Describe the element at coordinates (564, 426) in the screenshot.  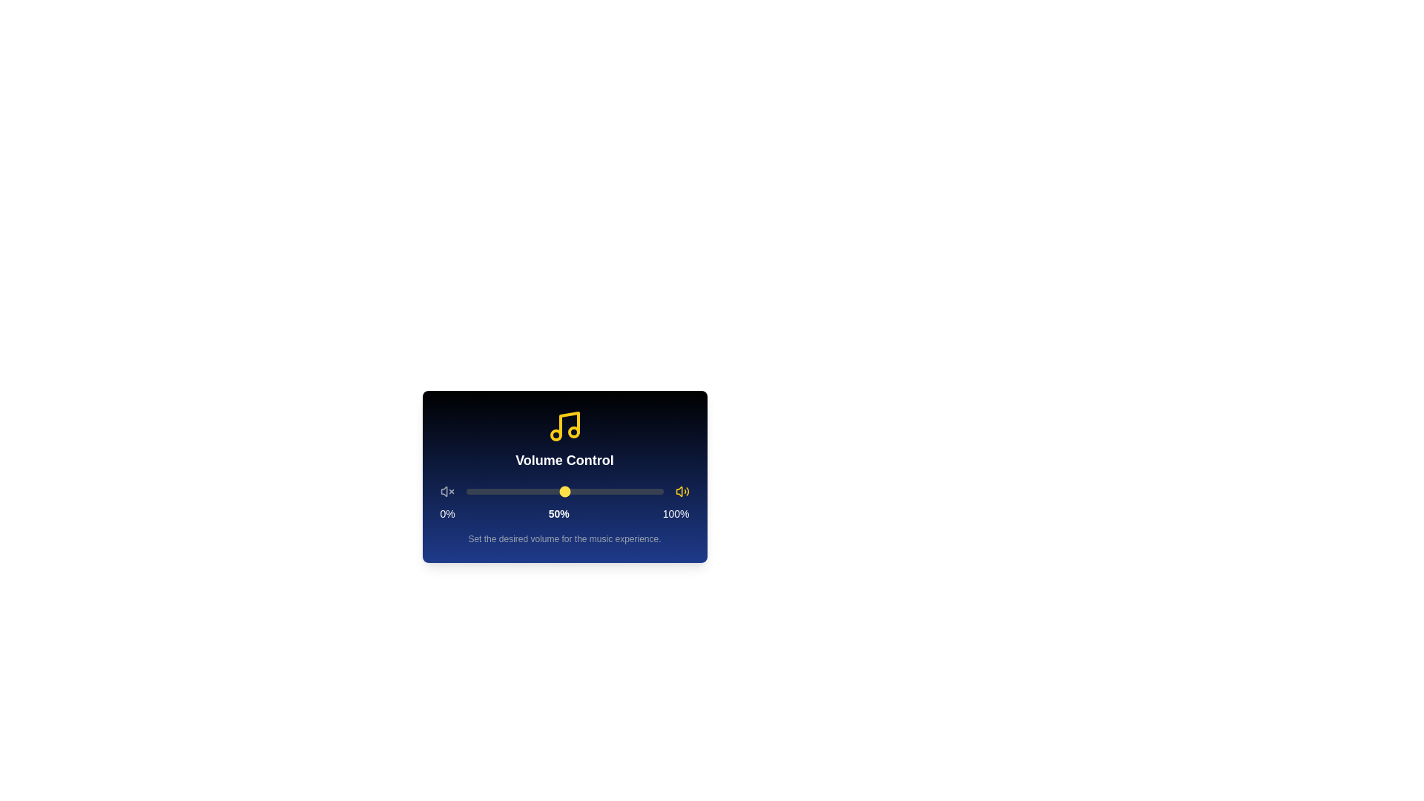
I see `the graphical music note icon` at that location.